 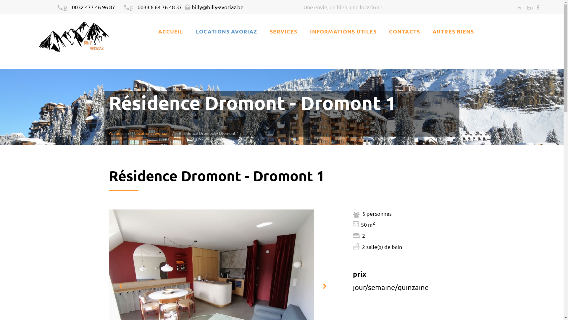 What do you see at coordinates (343, 31) in the screenshot?
I see `'INFORMATIONS UTILES'` at bounding box center [343, 31].